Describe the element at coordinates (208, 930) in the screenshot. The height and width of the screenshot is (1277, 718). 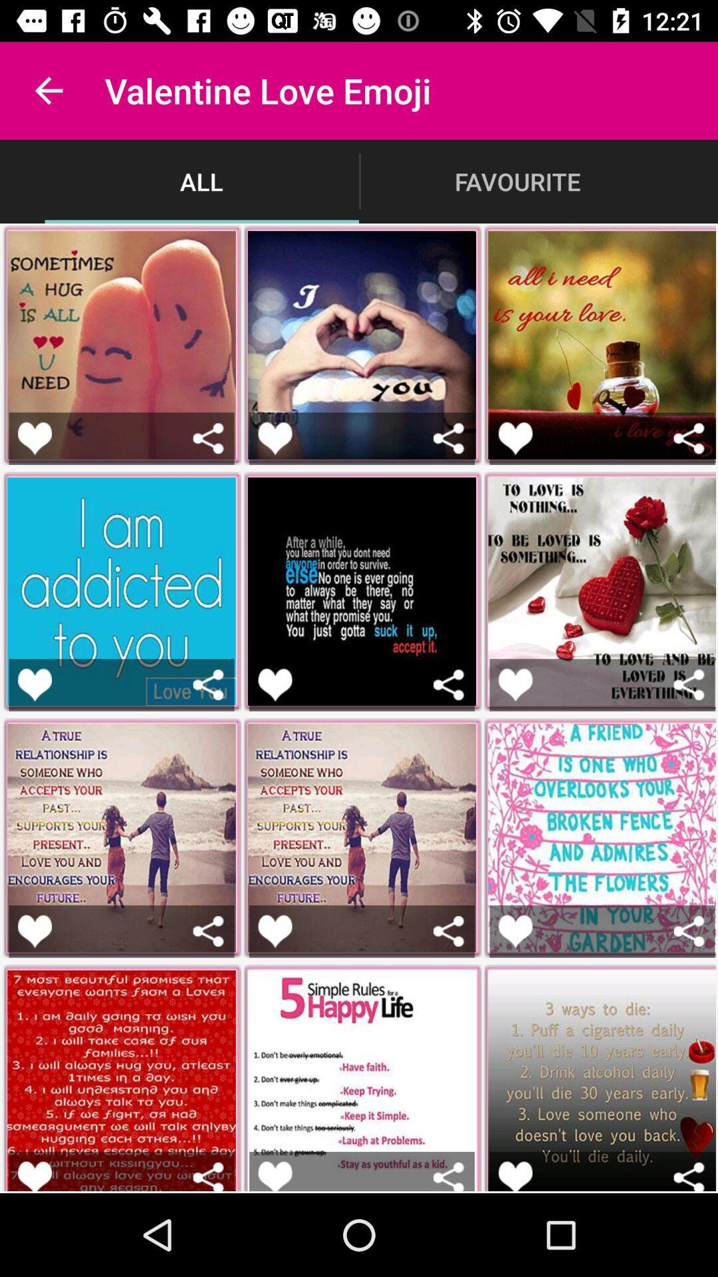
I see `share the picture` at that location.